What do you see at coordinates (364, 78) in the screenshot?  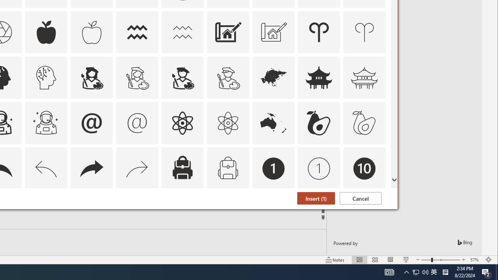 I see `'AutomationID: Icons_AsianTemple_M'` at bounding box center [364, 78].